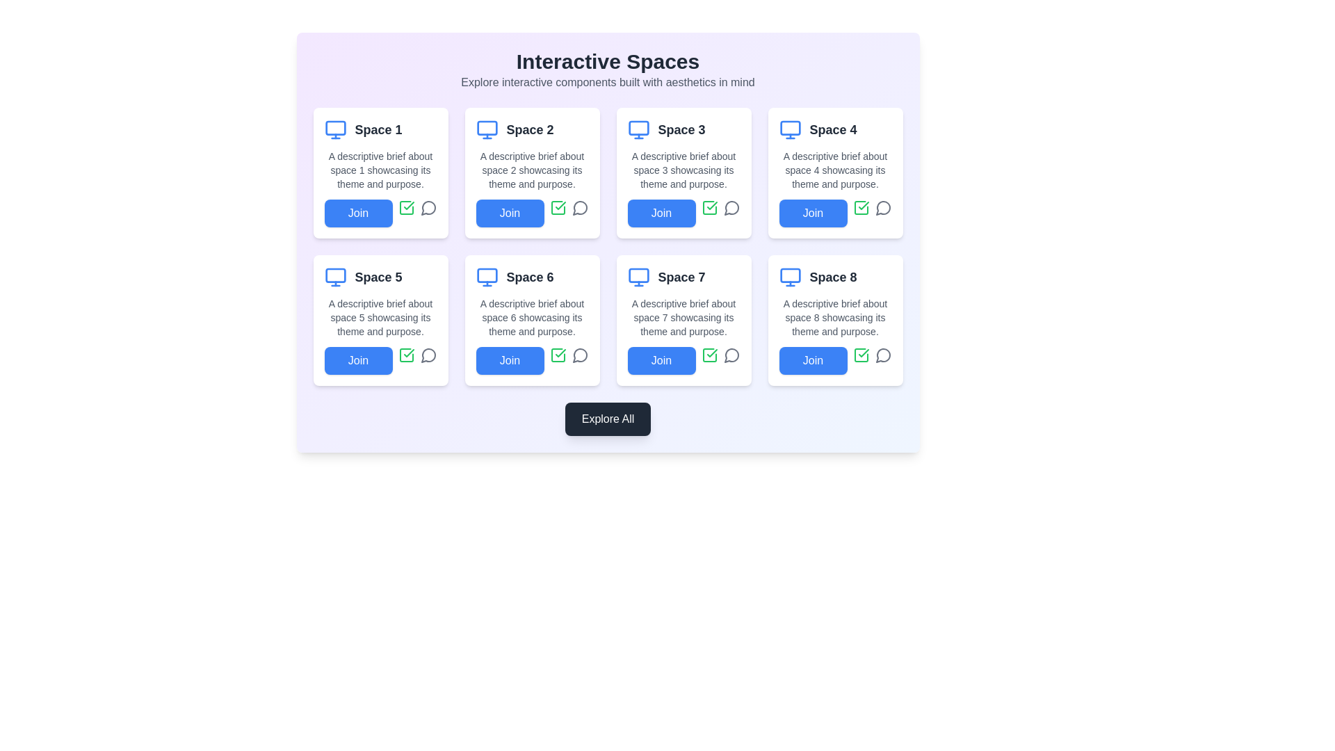 The height and width of the screenshot is (751, 1335). Describe the element at coordinates (580, 208) in the screenshot. I see `the circular icon resembling a speech bubble, used for the comment or message feature, located in the third position within the horizontal row of icons beneath the 'Join' button in the 'Space 2' card` at that location.